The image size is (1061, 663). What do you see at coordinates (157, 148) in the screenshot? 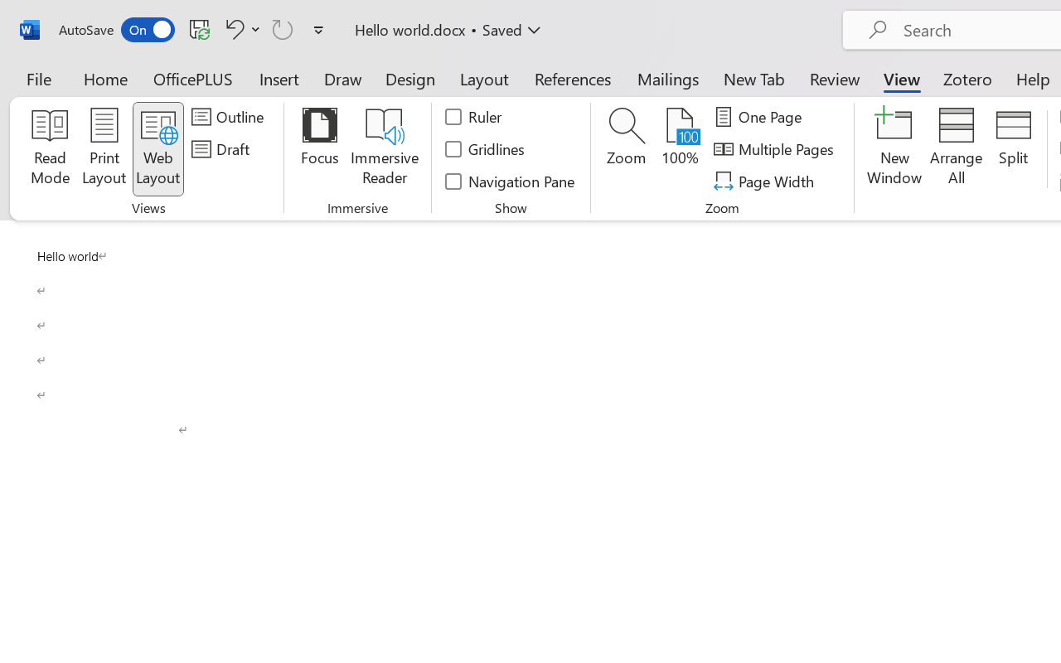
I see `'Web Layout'` at bounding box center [157, 148].